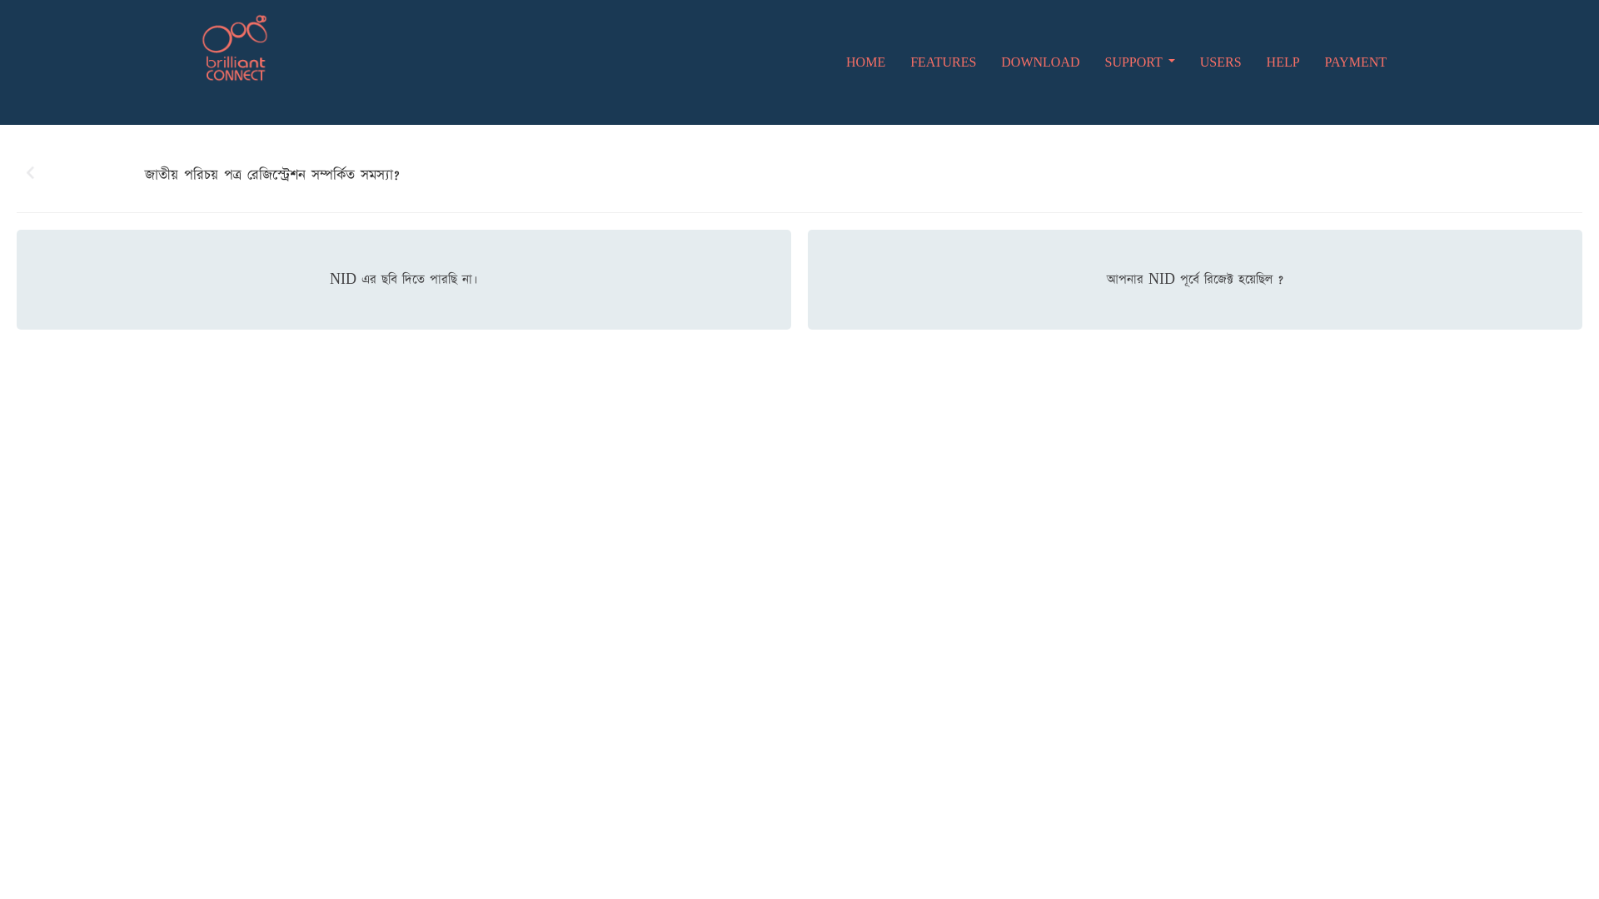  I want to click on 'SUPPORT', so click(1138, 61).